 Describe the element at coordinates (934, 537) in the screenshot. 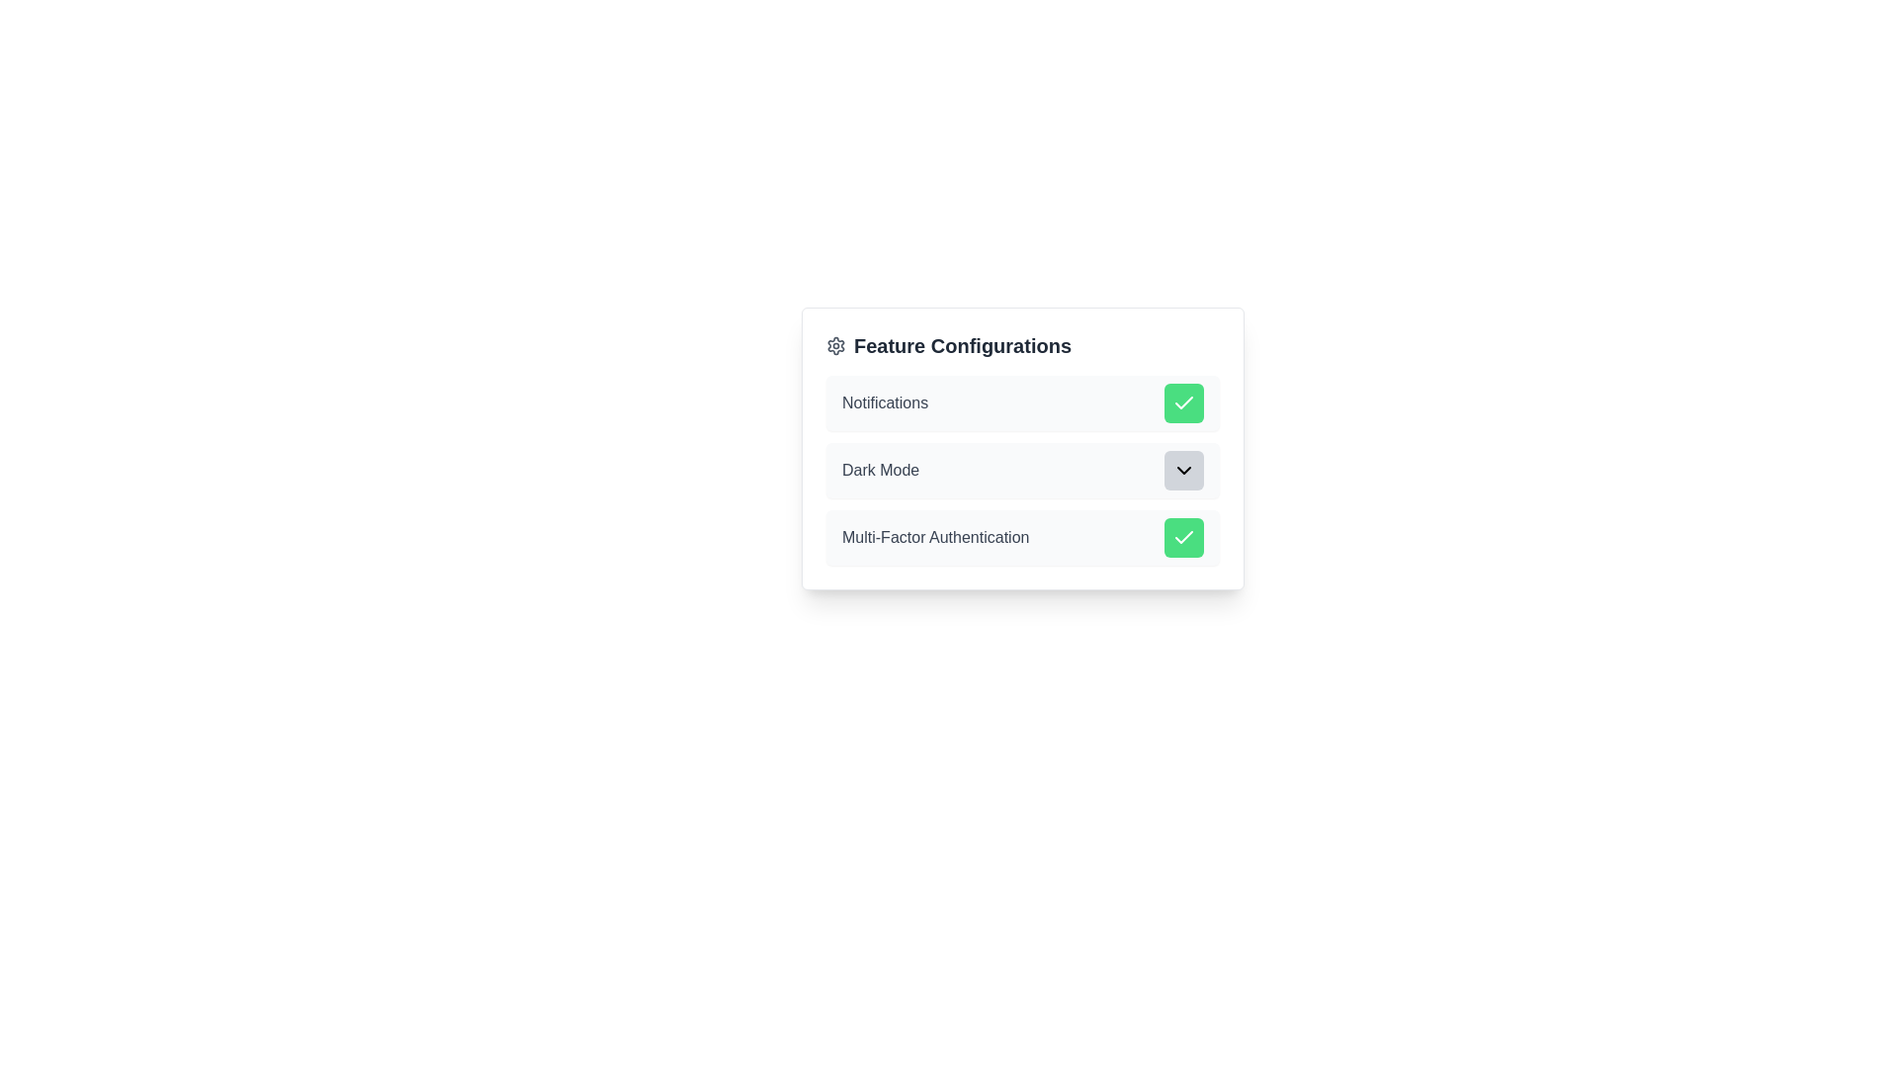

I see `Text label displaying 'Multi-Factor Authentication' in dark gray text, located in the settings panel under the 'Feature Configurations' section` at that location.